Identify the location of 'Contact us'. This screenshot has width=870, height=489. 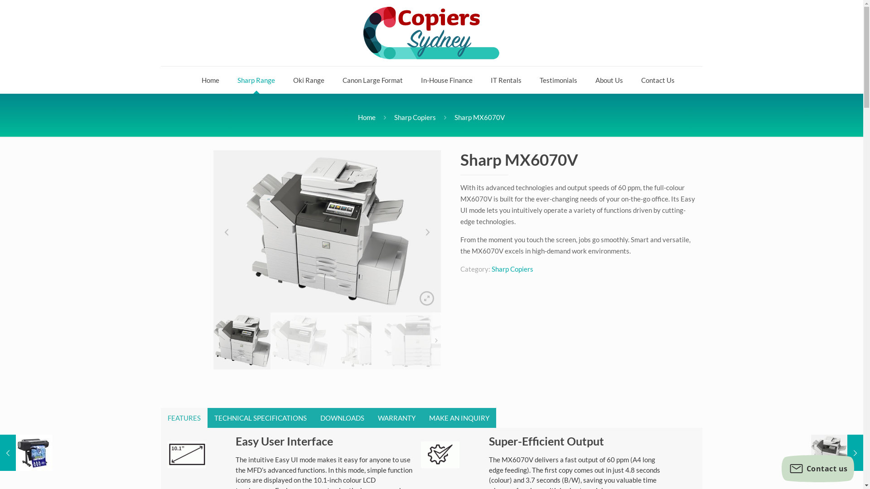
(817, 468).